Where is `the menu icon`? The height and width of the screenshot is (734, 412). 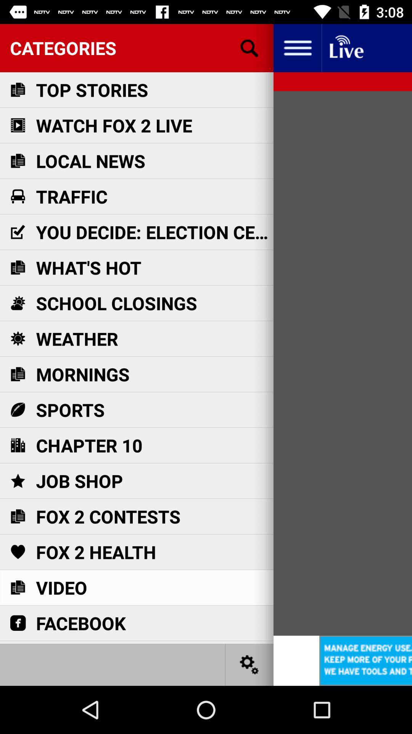
the menu icon is located at coordinates (297, 47).